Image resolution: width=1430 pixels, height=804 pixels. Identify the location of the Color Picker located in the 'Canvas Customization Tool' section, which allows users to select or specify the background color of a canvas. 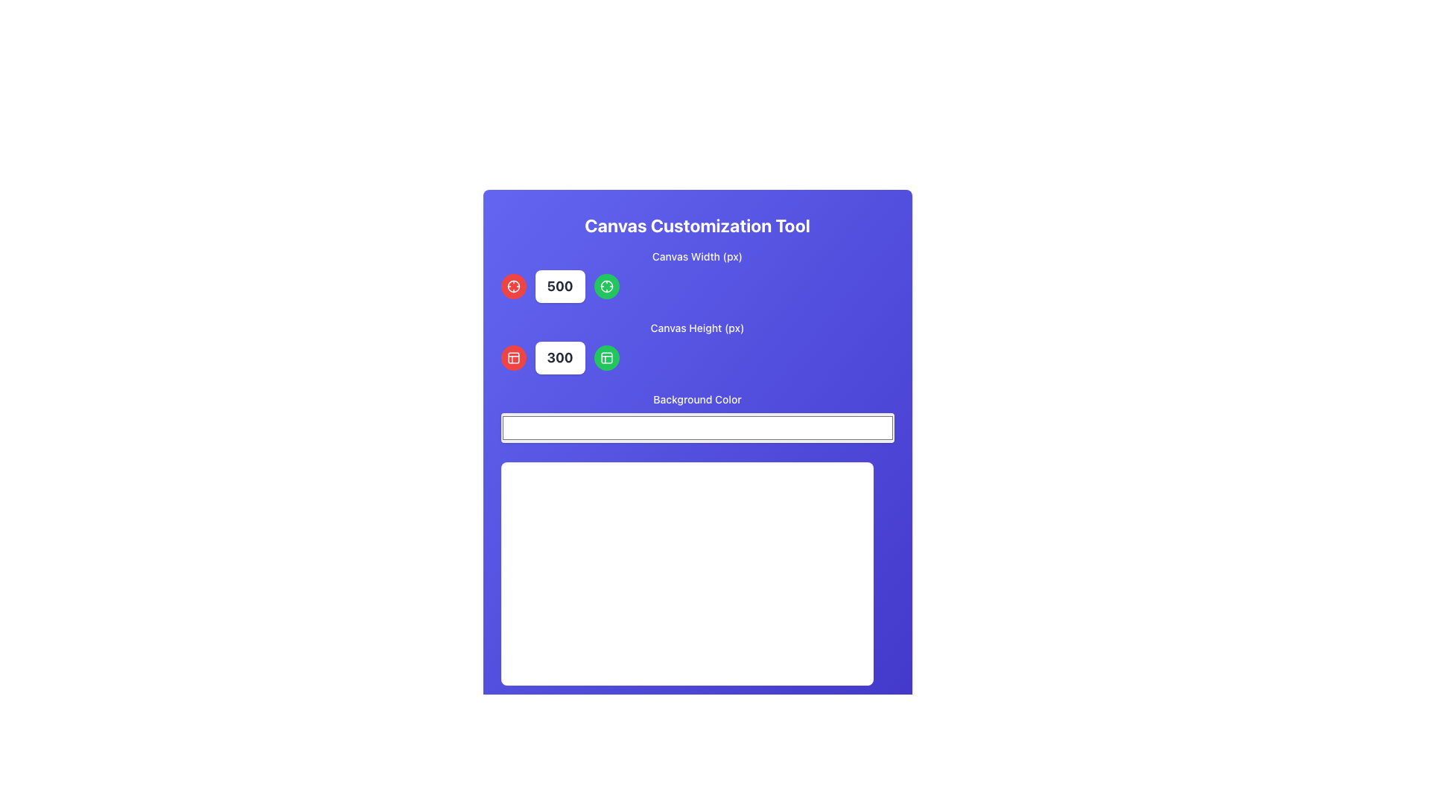
(696, 418).